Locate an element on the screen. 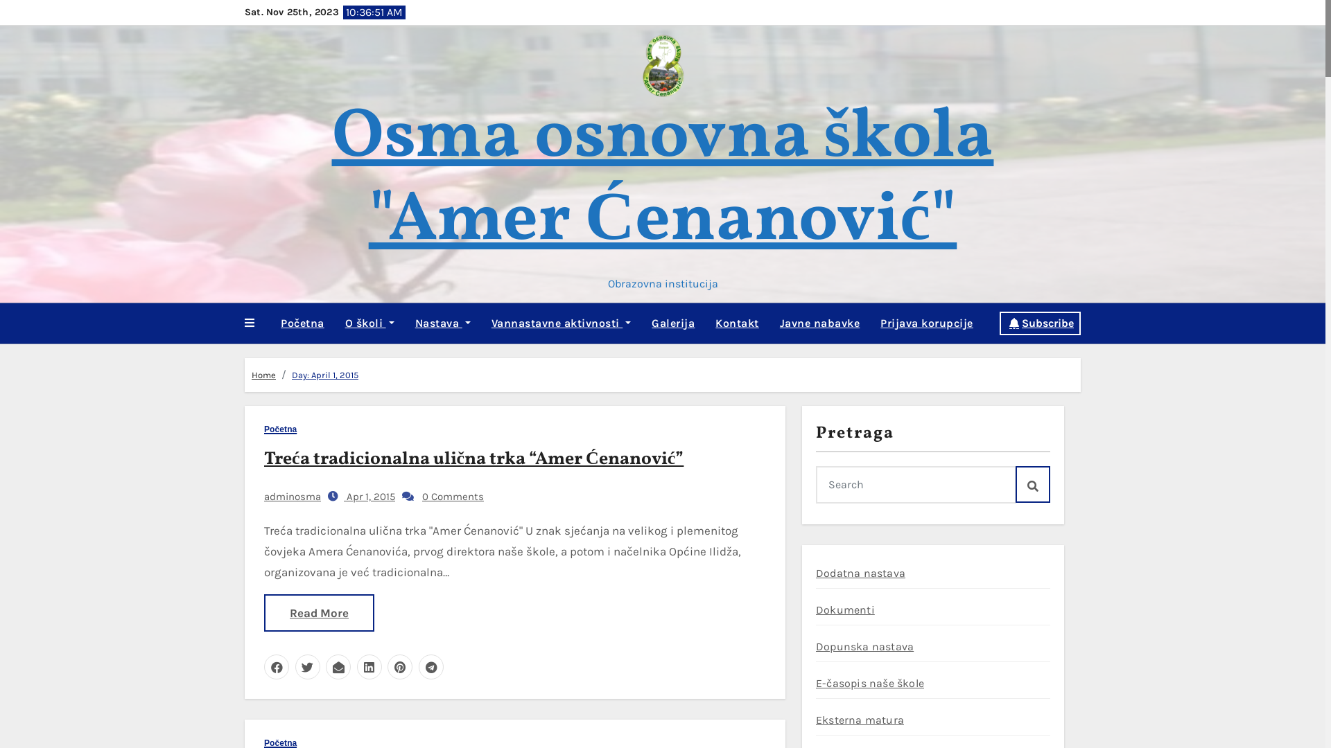 The width and height of the screenshot is (1331, 748). 'Vannastavne aktivnosti' is located at coordinates (562, 323).